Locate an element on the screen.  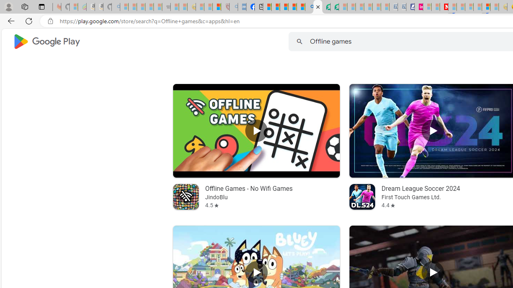
'list of asthma inhalers uk - Search - Sleeping' is located at coordinates (233, 7).